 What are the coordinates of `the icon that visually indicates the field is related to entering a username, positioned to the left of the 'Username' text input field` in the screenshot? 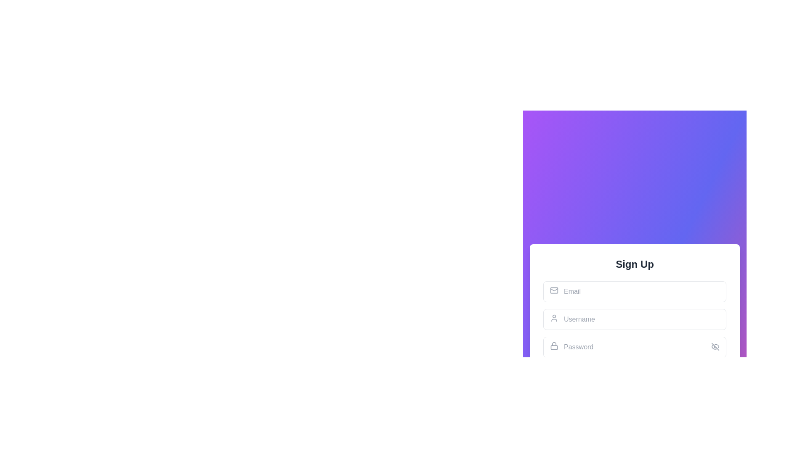 It's located at (554, 318).